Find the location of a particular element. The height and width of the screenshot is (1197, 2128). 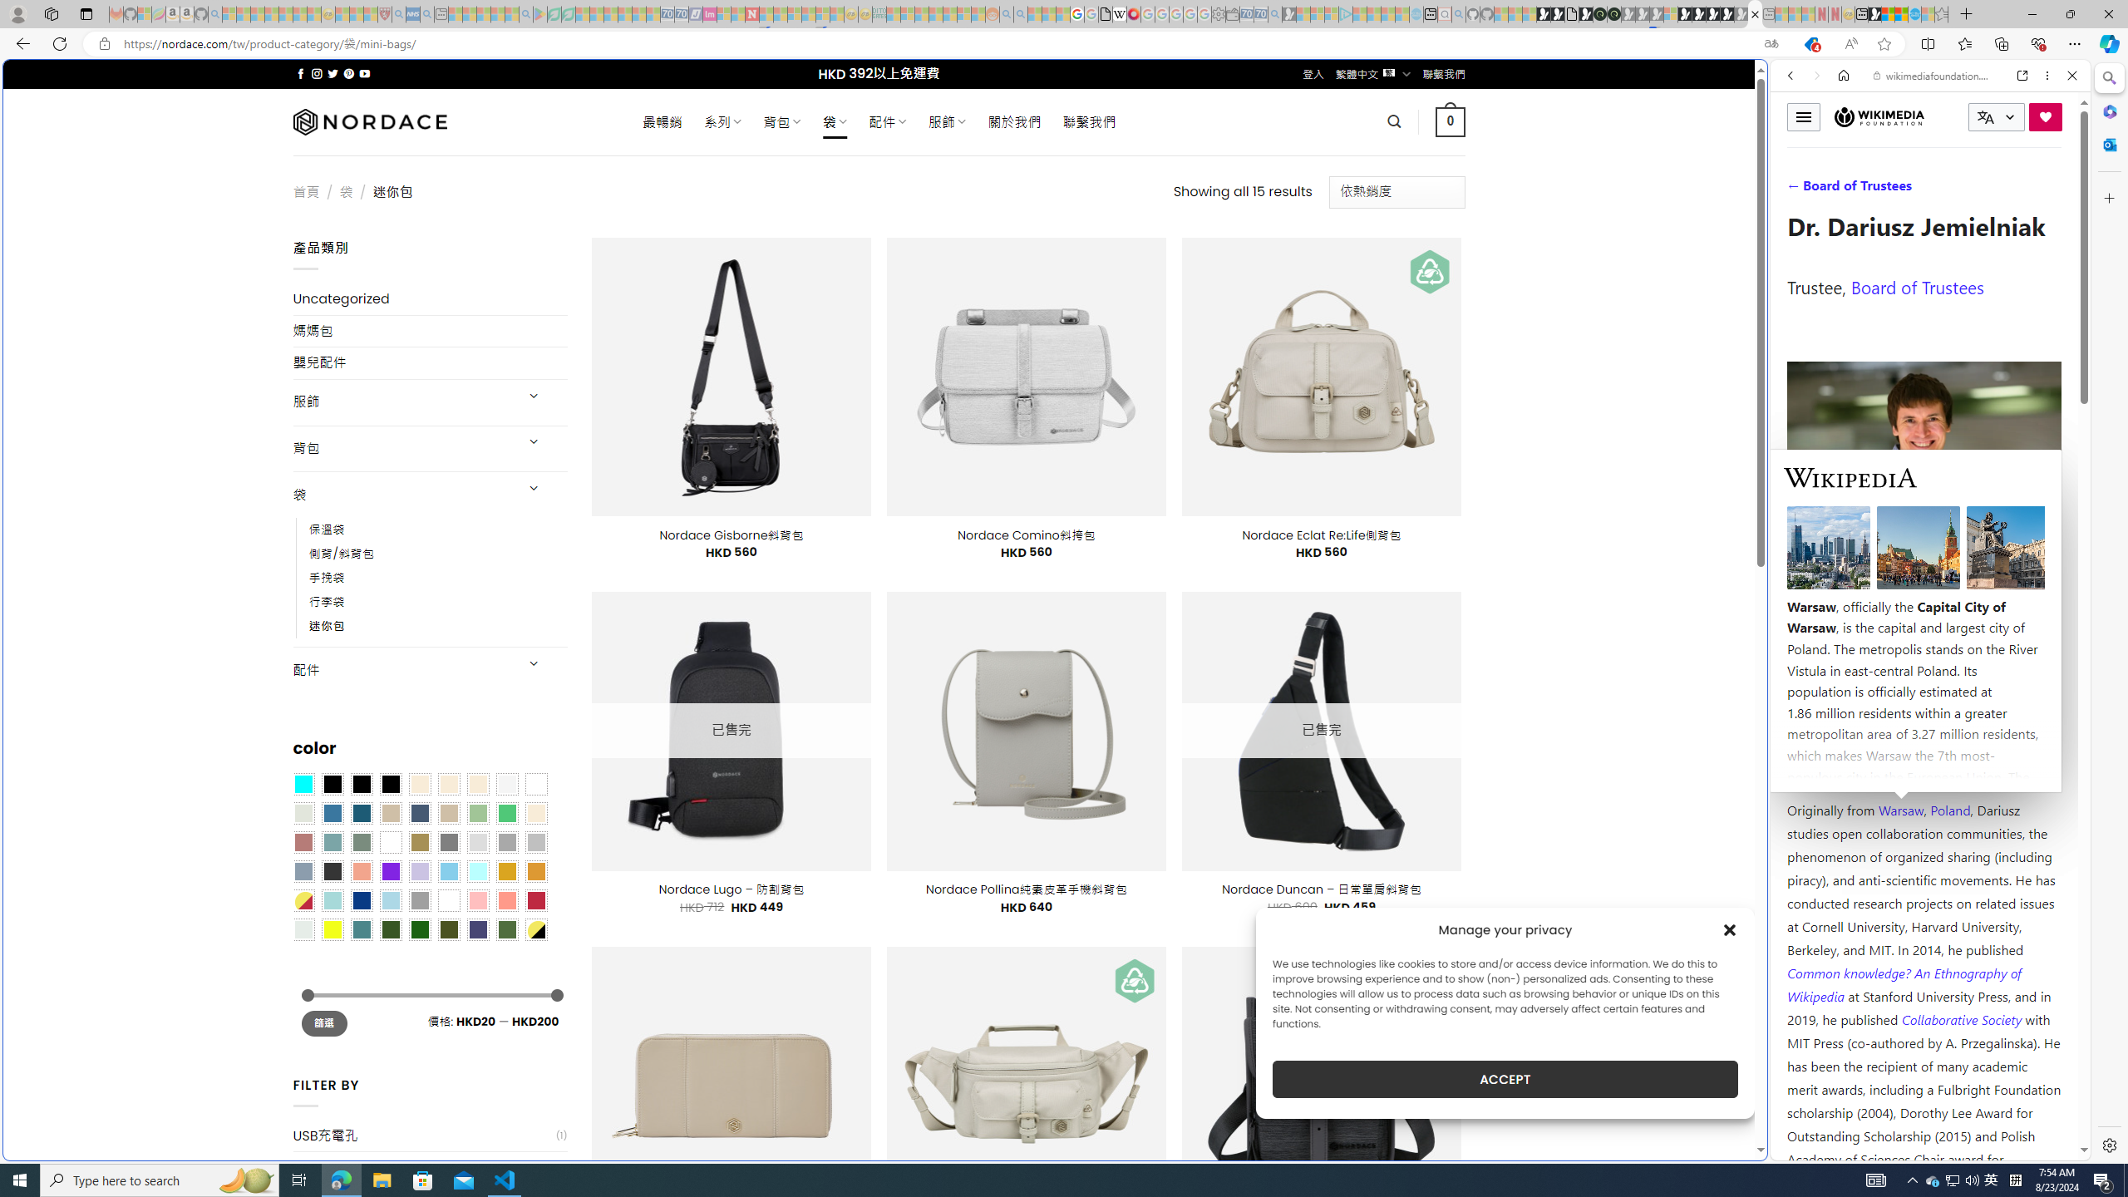

'Latest Politics News & Archive | Newsweek.com - Sleeping' is located at coordinates (751, 13).